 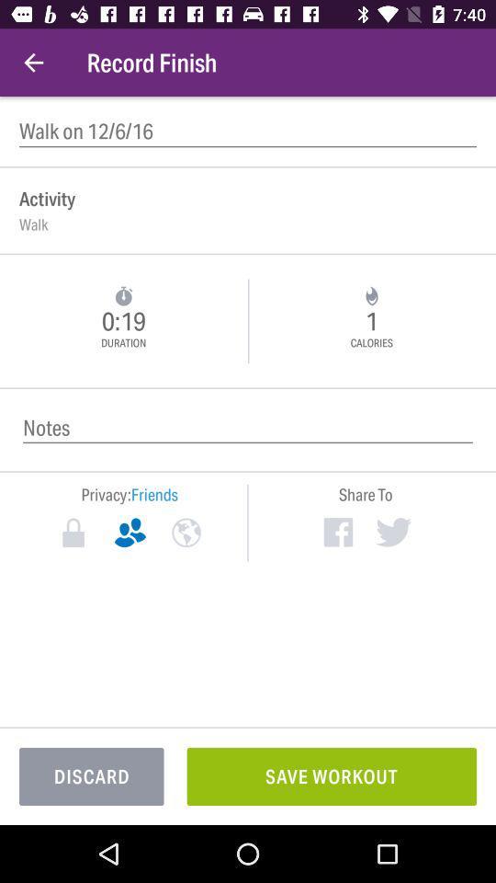 I want to click on the icon next to the record finish item, so click(x=33, y=63).